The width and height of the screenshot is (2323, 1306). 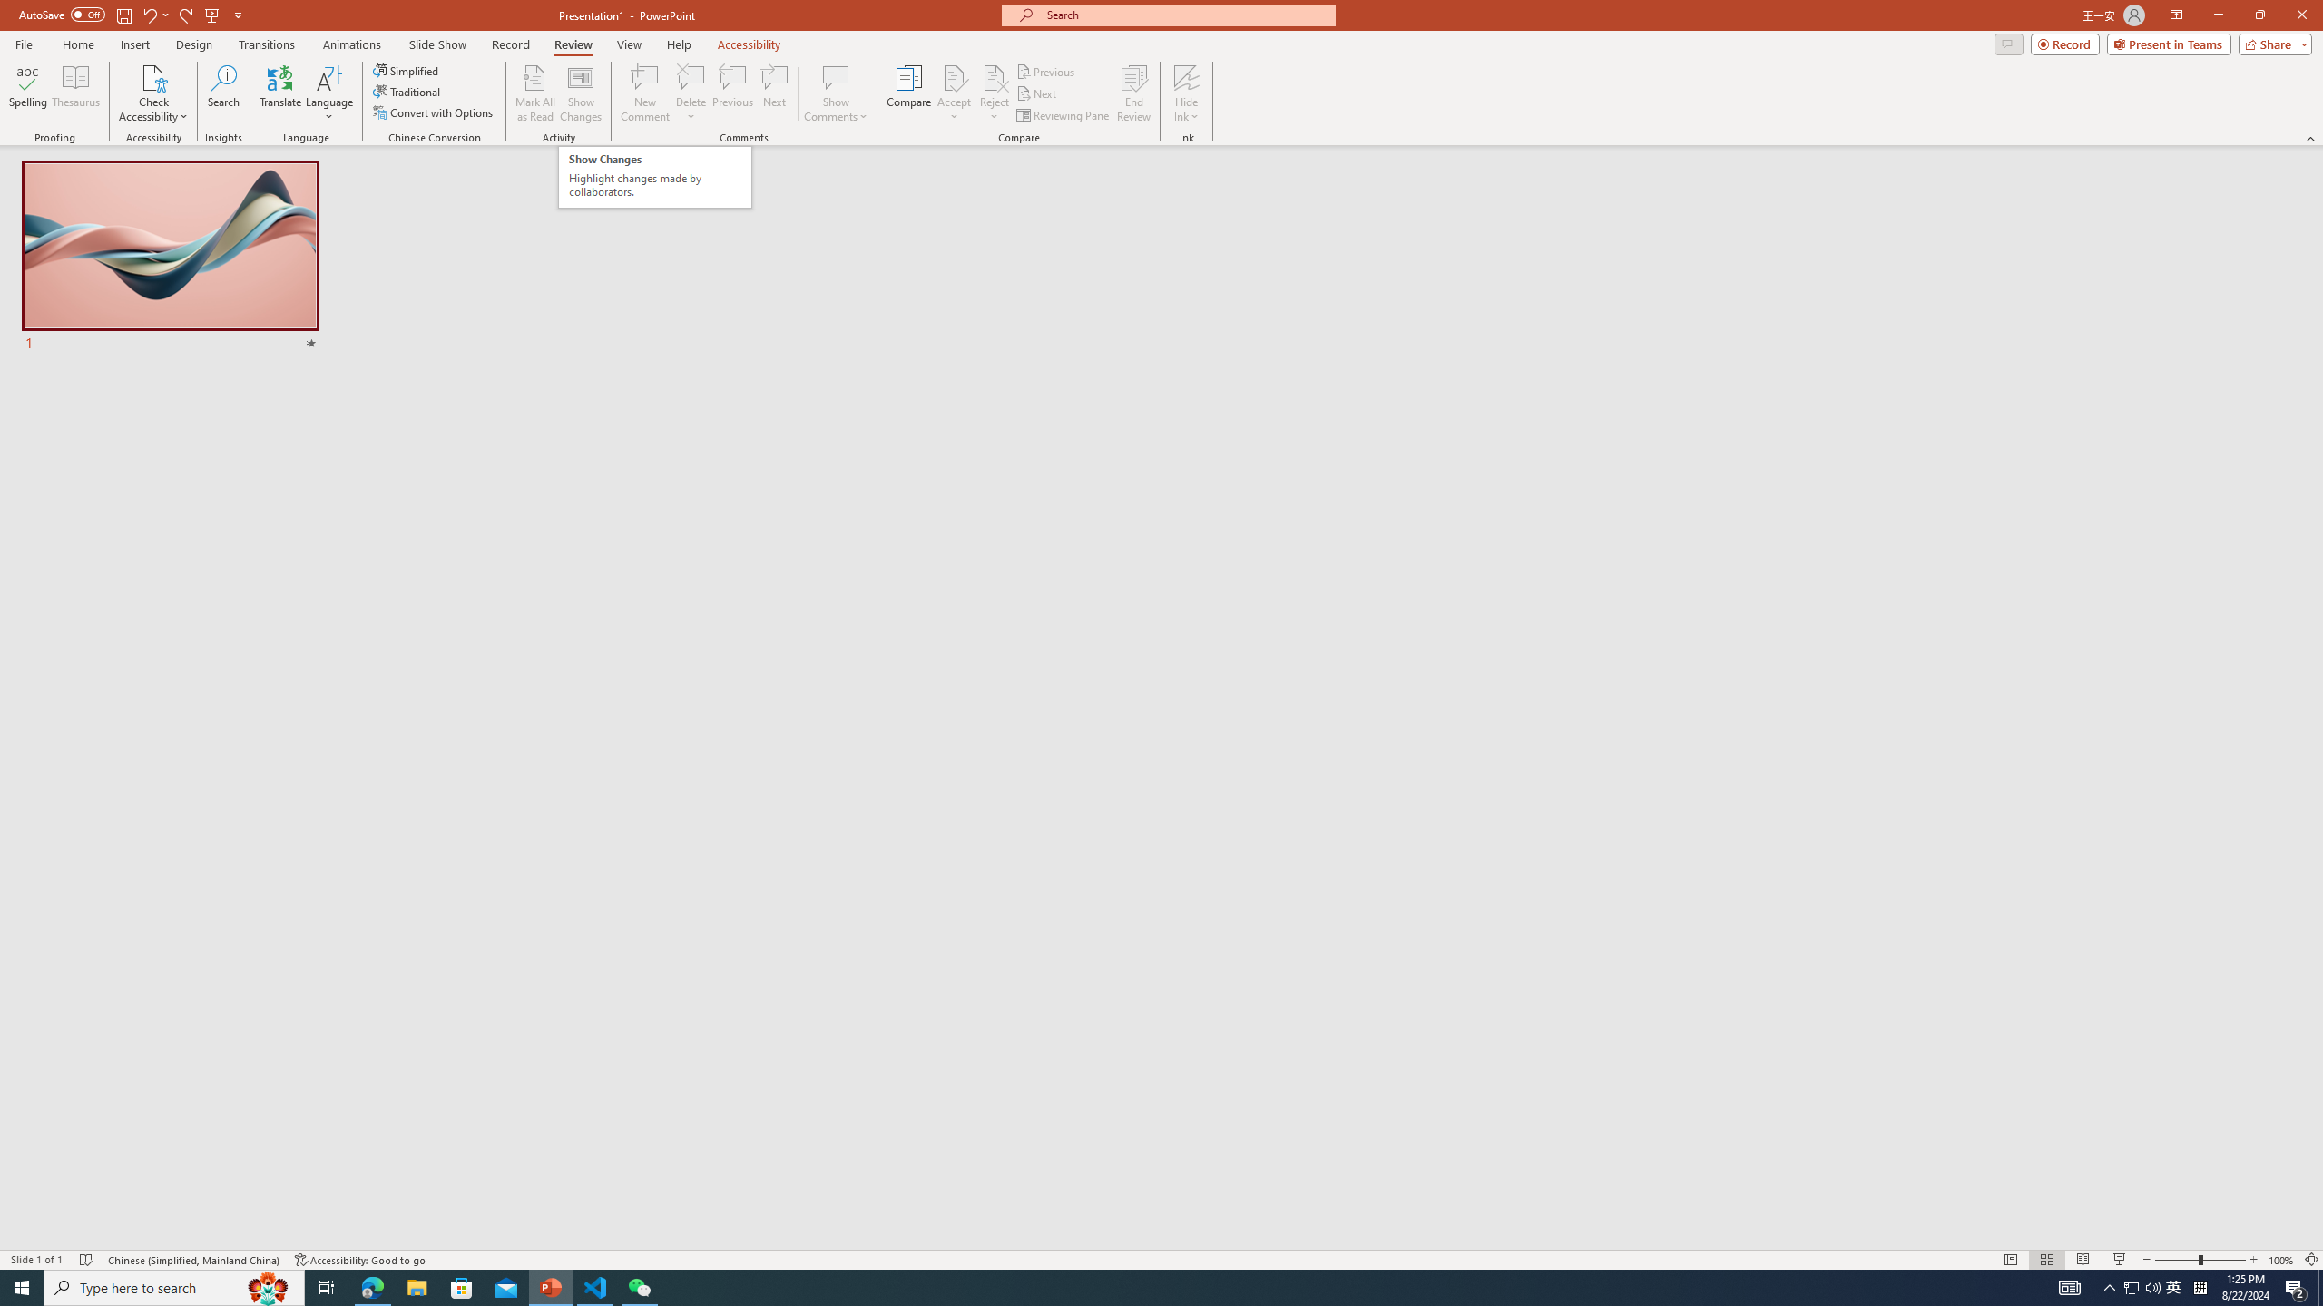 What do you see at coordinates (993, 76) in the screenshot?
I see `'Reject Change'` at bounding box center [993, 76].